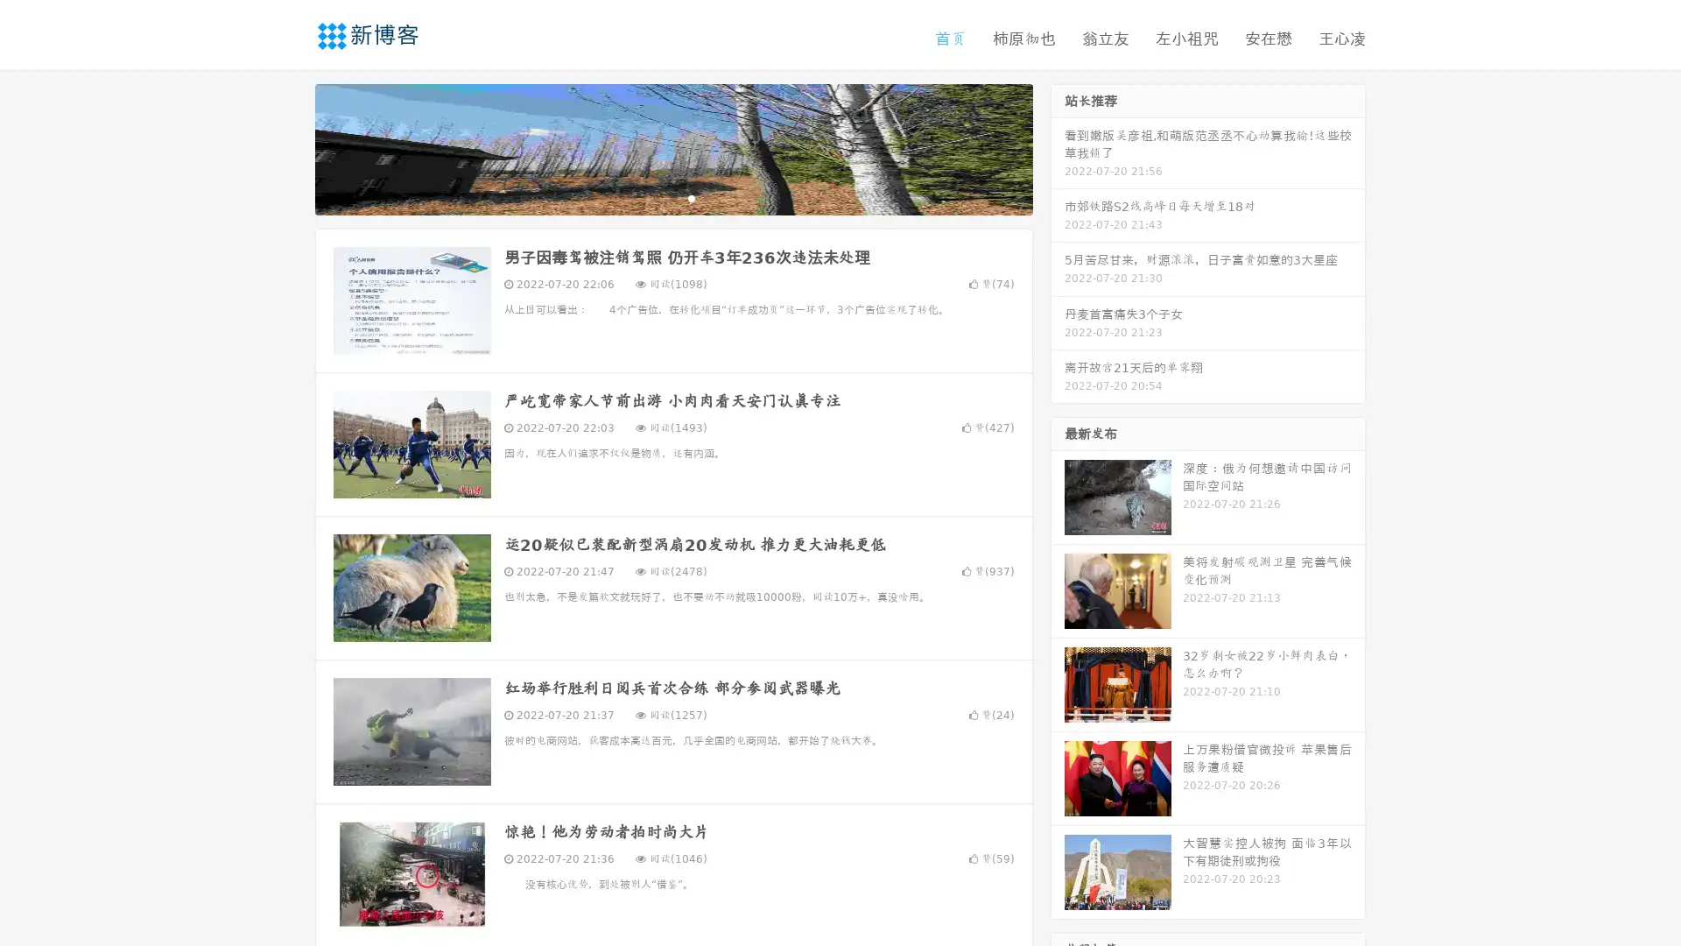 The image size is (1681, 946). I want to click on Go to slide 2, so click(672, 197).